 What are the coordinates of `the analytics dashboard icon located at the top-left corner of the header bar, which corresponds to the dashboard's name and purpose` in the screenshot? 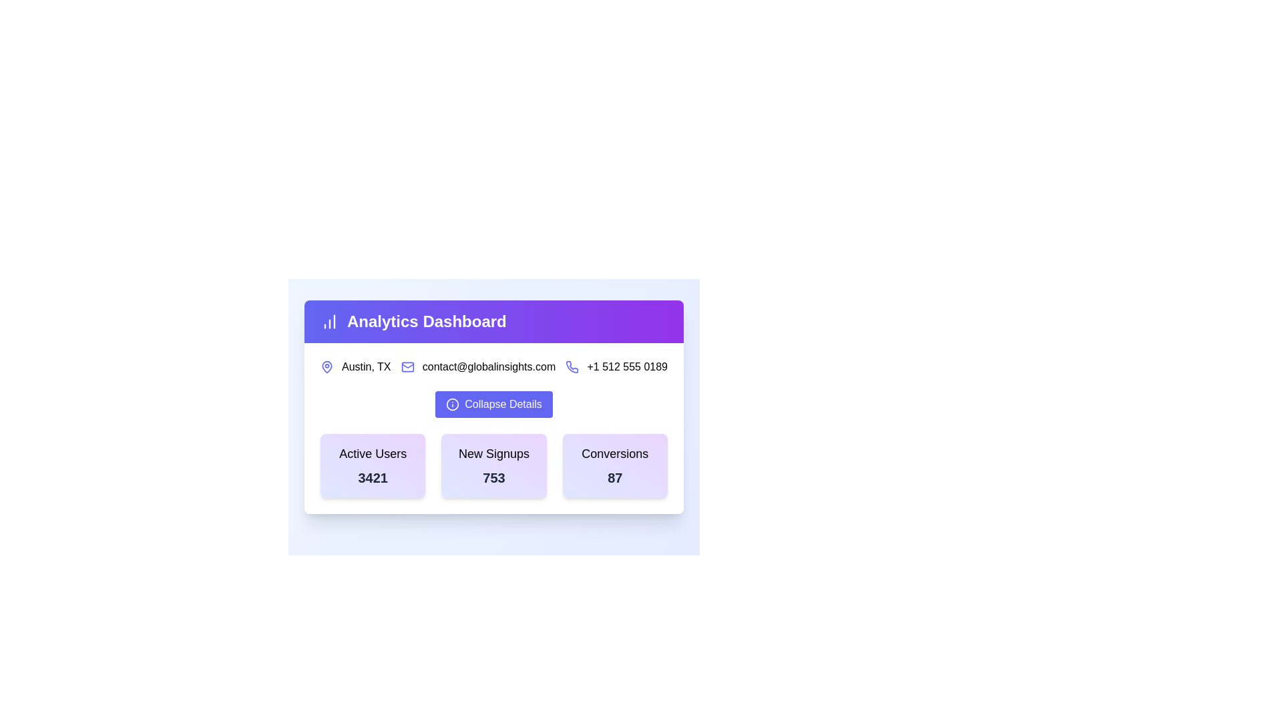 It's located at (330, 322).